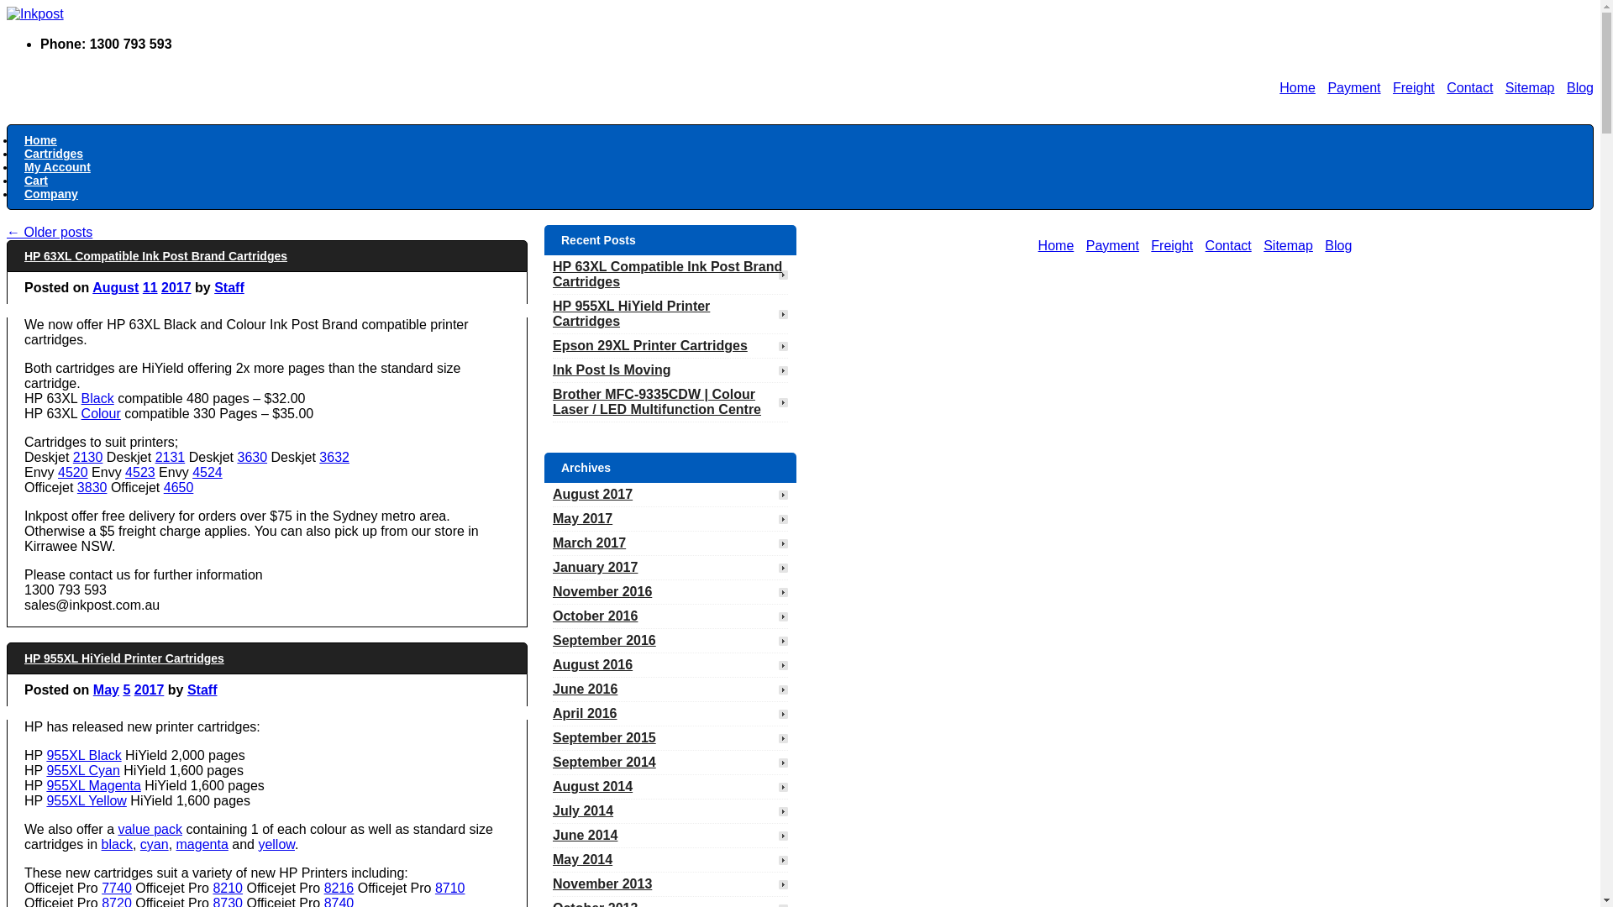 This screenshot has width=1613, height=907. I want to click on 'April 2016', so click(592, 713).